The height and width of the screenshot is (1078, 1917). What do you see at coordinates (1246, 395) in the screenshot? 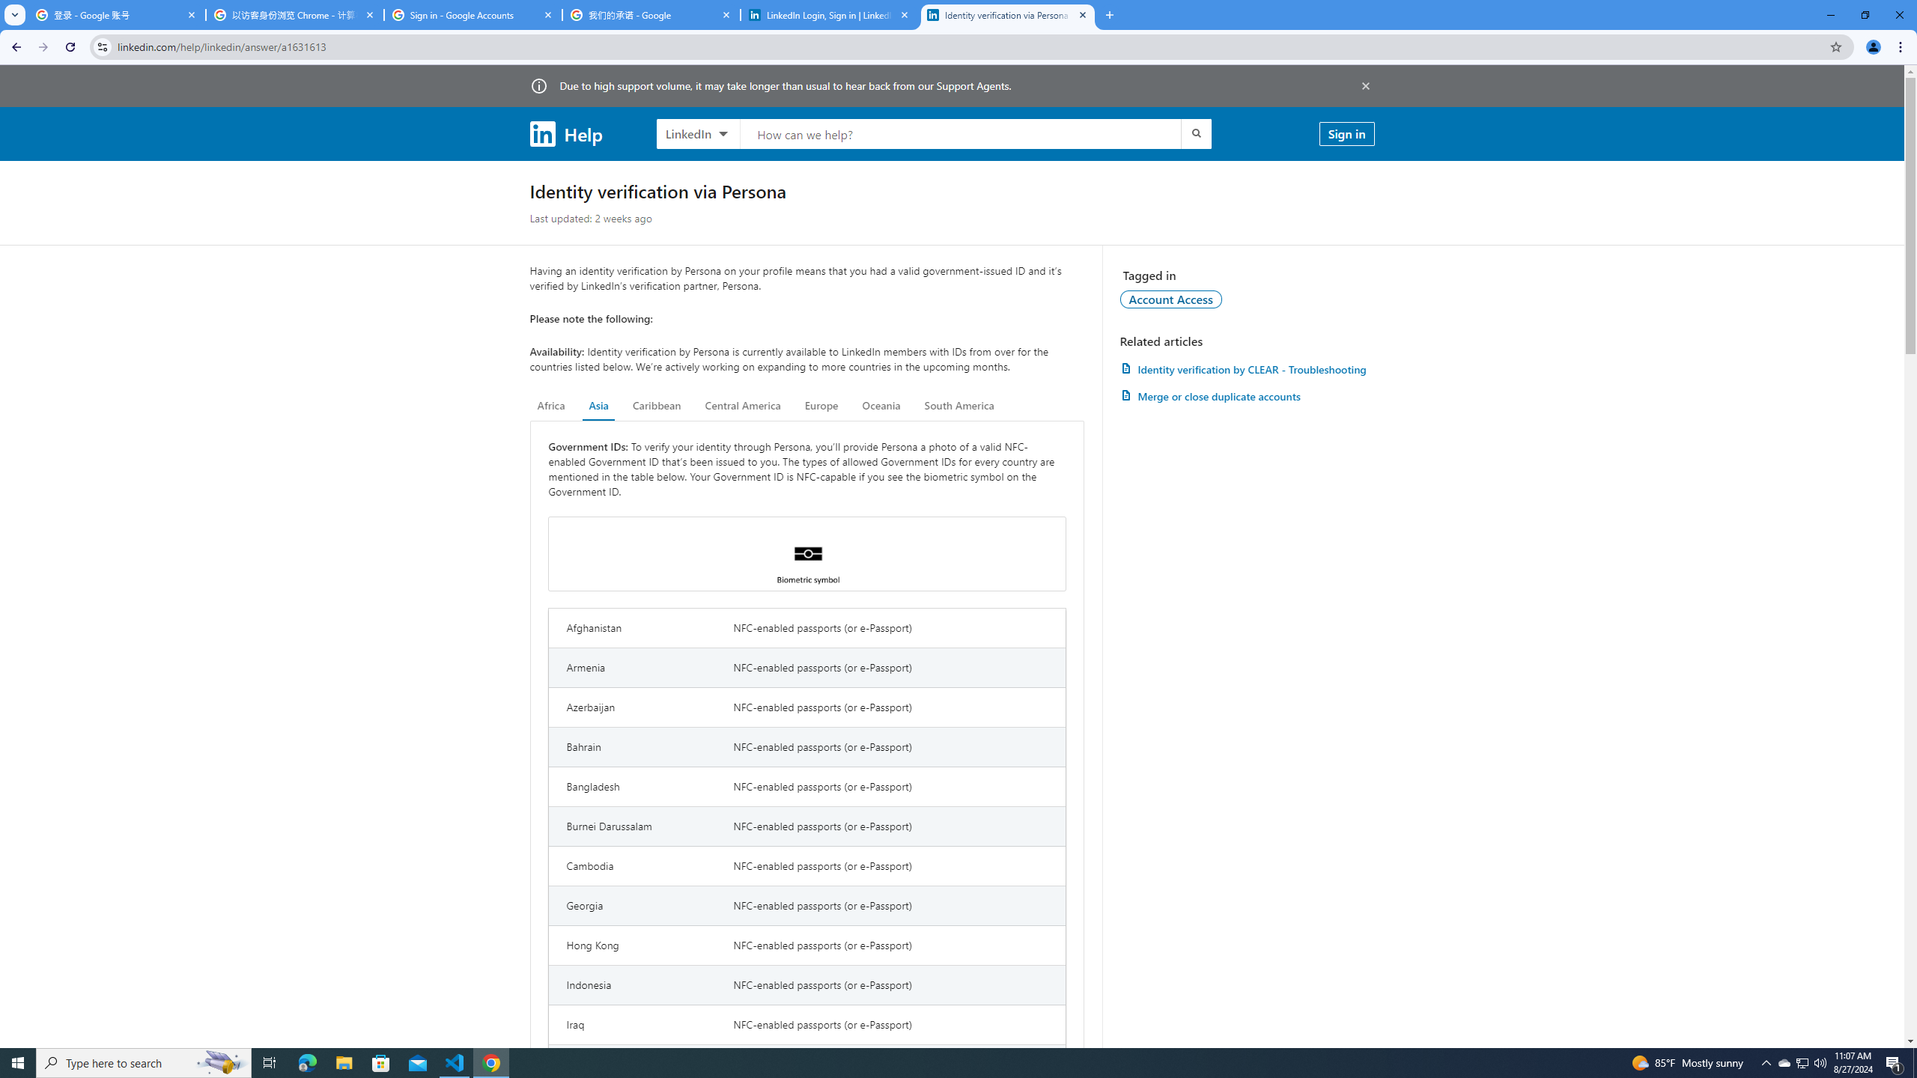
I see `'Merge or close duplicate accounts'` at bounding box center [1246, 395].